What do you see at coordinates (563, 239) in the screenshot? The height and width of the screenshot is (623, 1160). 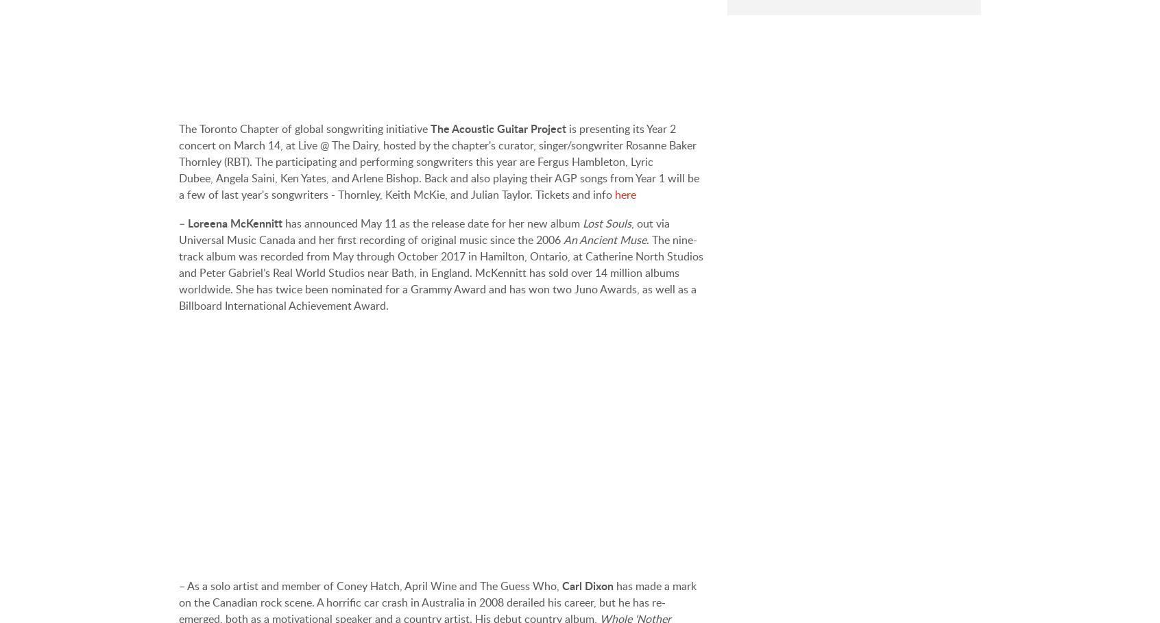 I see `'An Ancient Muse'` at bounding box center [563, 239].